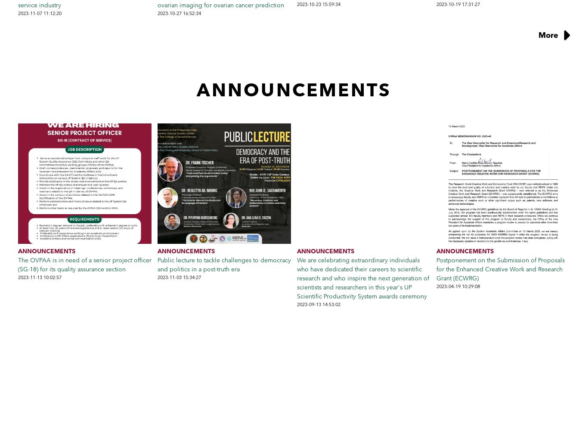 The width and height of the screenshot is (588, 421). What do you see at coordinates (362, 277) in the screenshot?
I see `'We are celebrating extraordinary individuals who have dedicated their careers to scientific research and who inspire the next generation of scientists and researchers in this year's UP Scientific Productivity System awards ceremony'` at bounding box center [362, 277].